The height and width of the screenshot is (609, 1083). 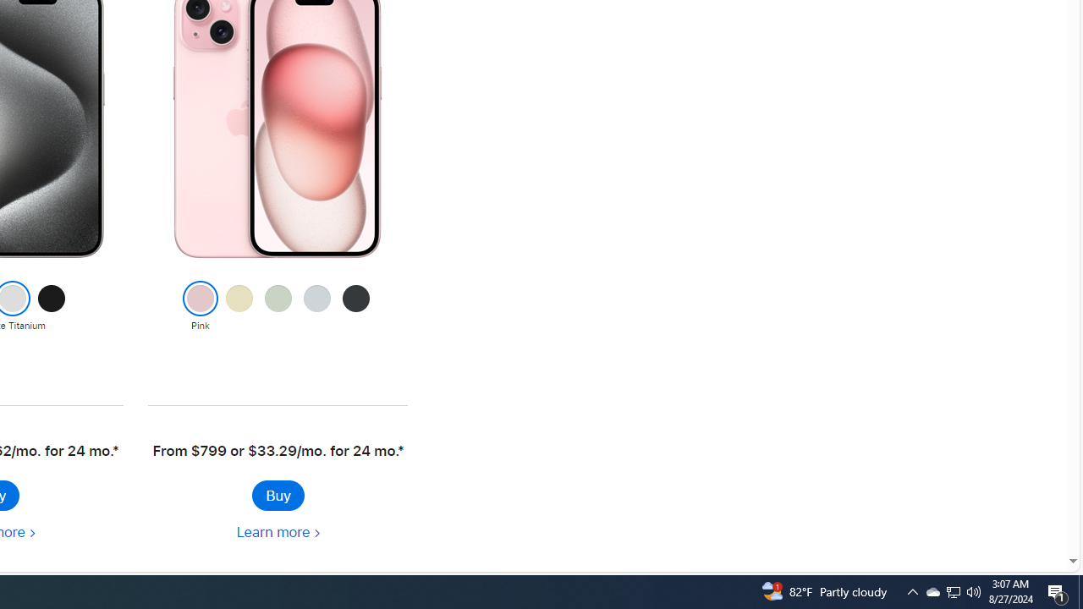 What do you see at coordinates (278, 495) in the screenshot?
I see `'Buy iPhone 15'` at bounding box center [278, 495].